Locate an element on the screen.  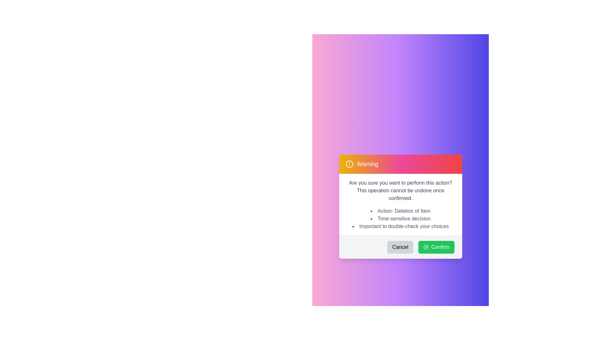
the alert or warning icon located to the left of the text 'Warning' in the gradient-colored top bar of the modal is located at coordinates (349, 164).